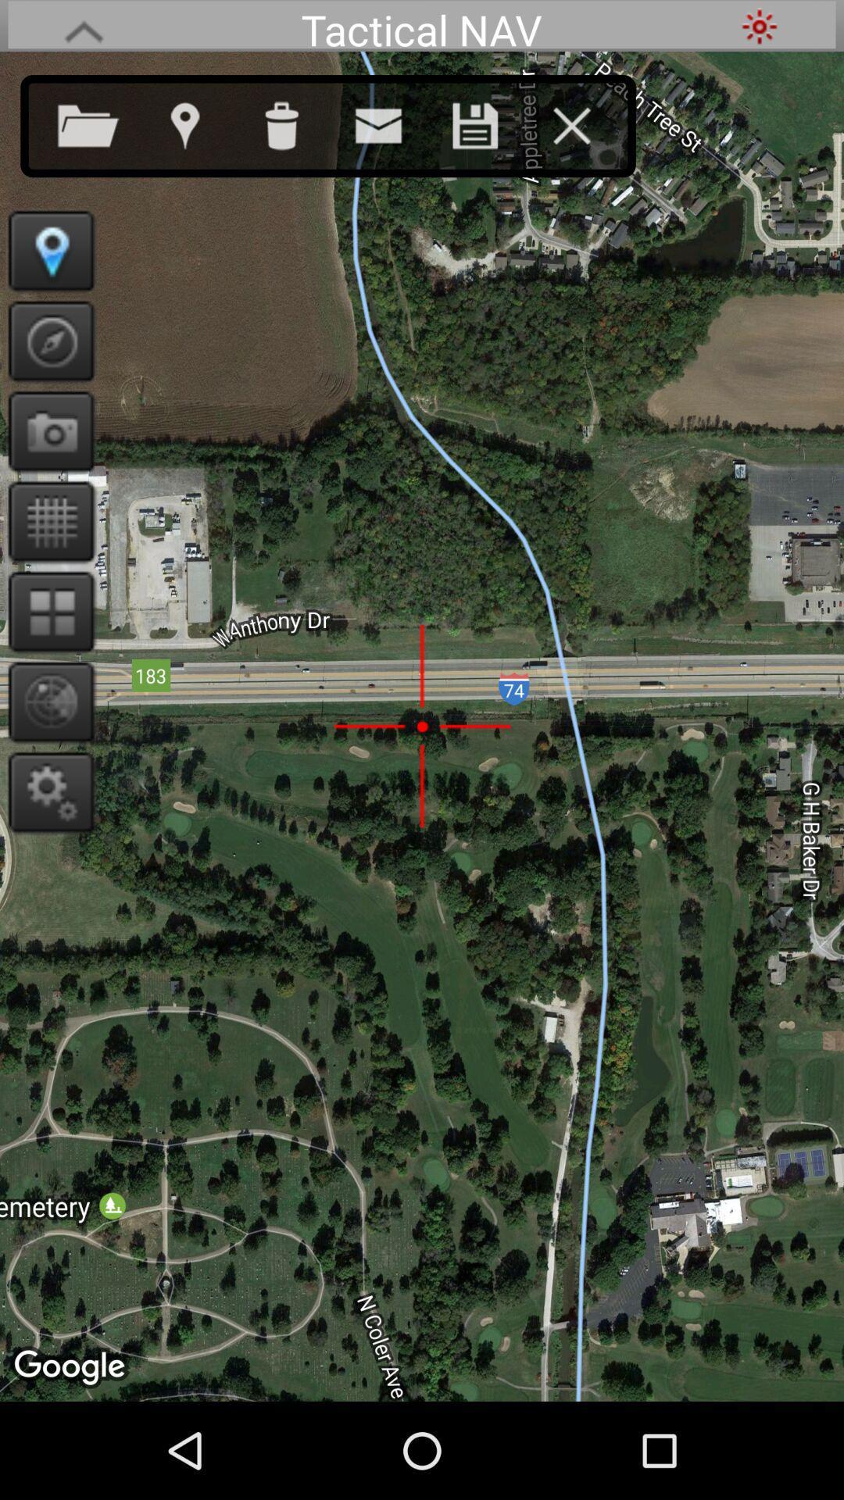 The height and width of the screenshot is (1500, 844). Describe the element at coordinates (45, 655) in the screenshot. I see `the dashboard icon` at that location.